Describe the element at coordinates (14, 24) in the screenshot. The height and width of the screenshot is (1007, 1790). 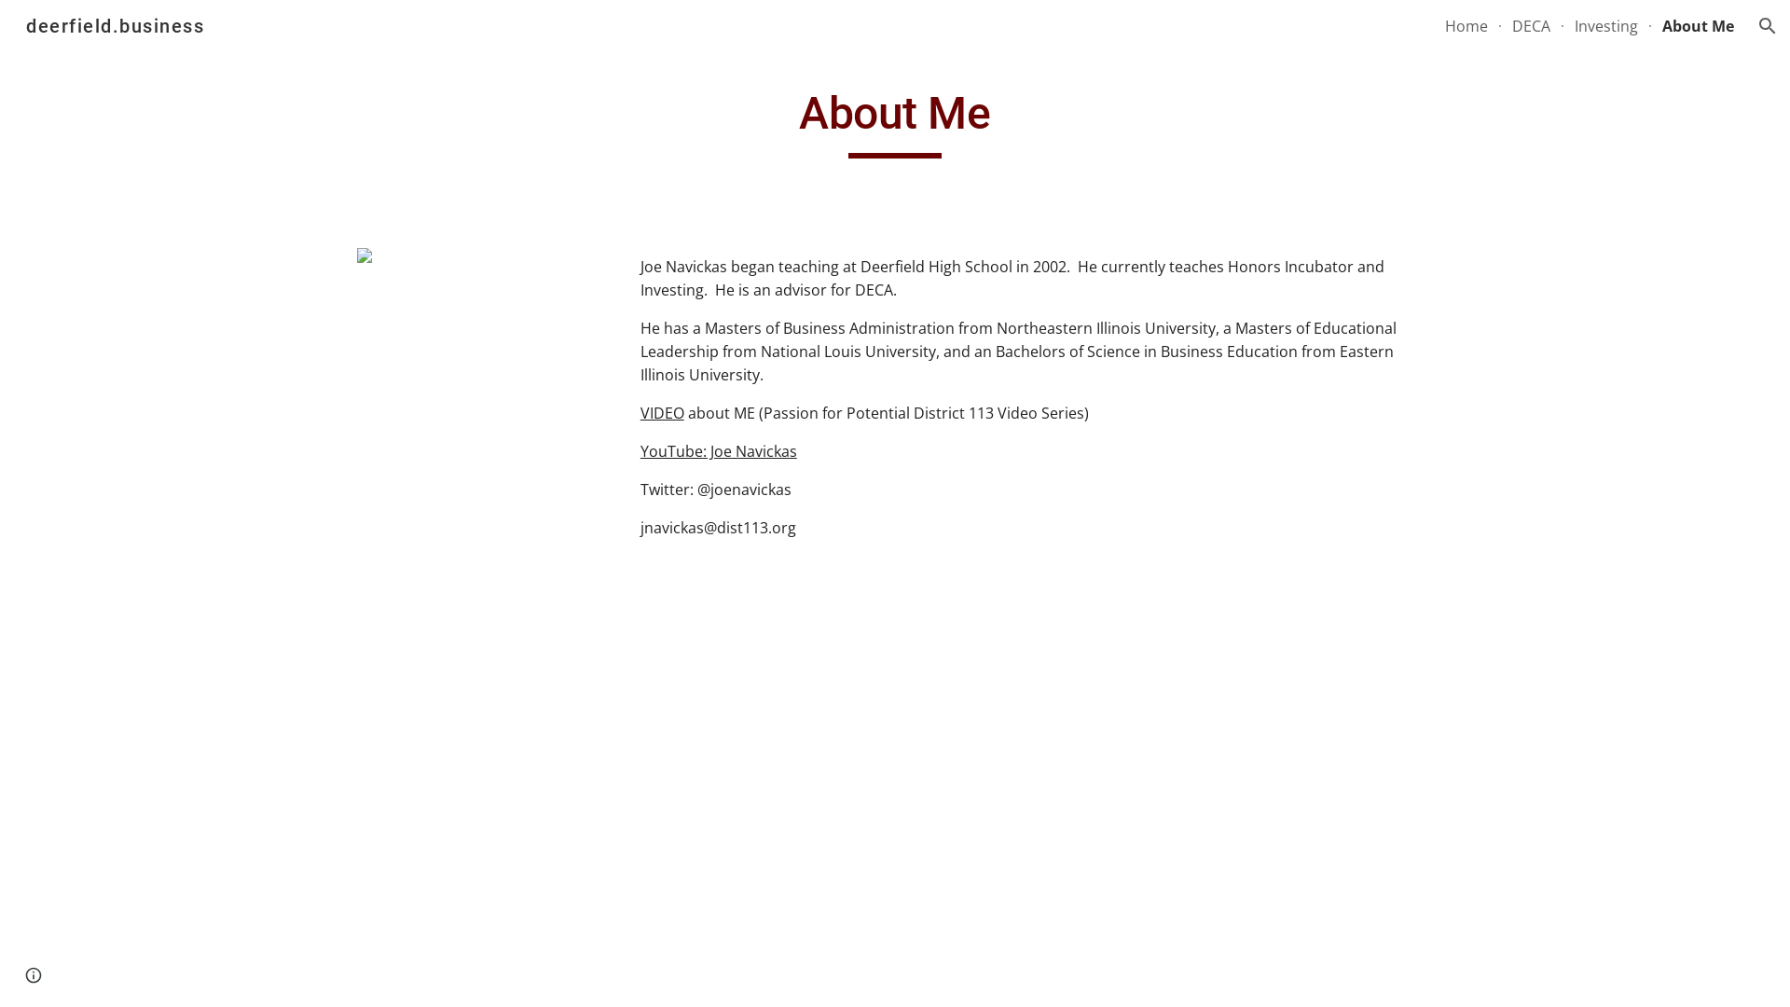
I see `'deerfield.business'` at that location.